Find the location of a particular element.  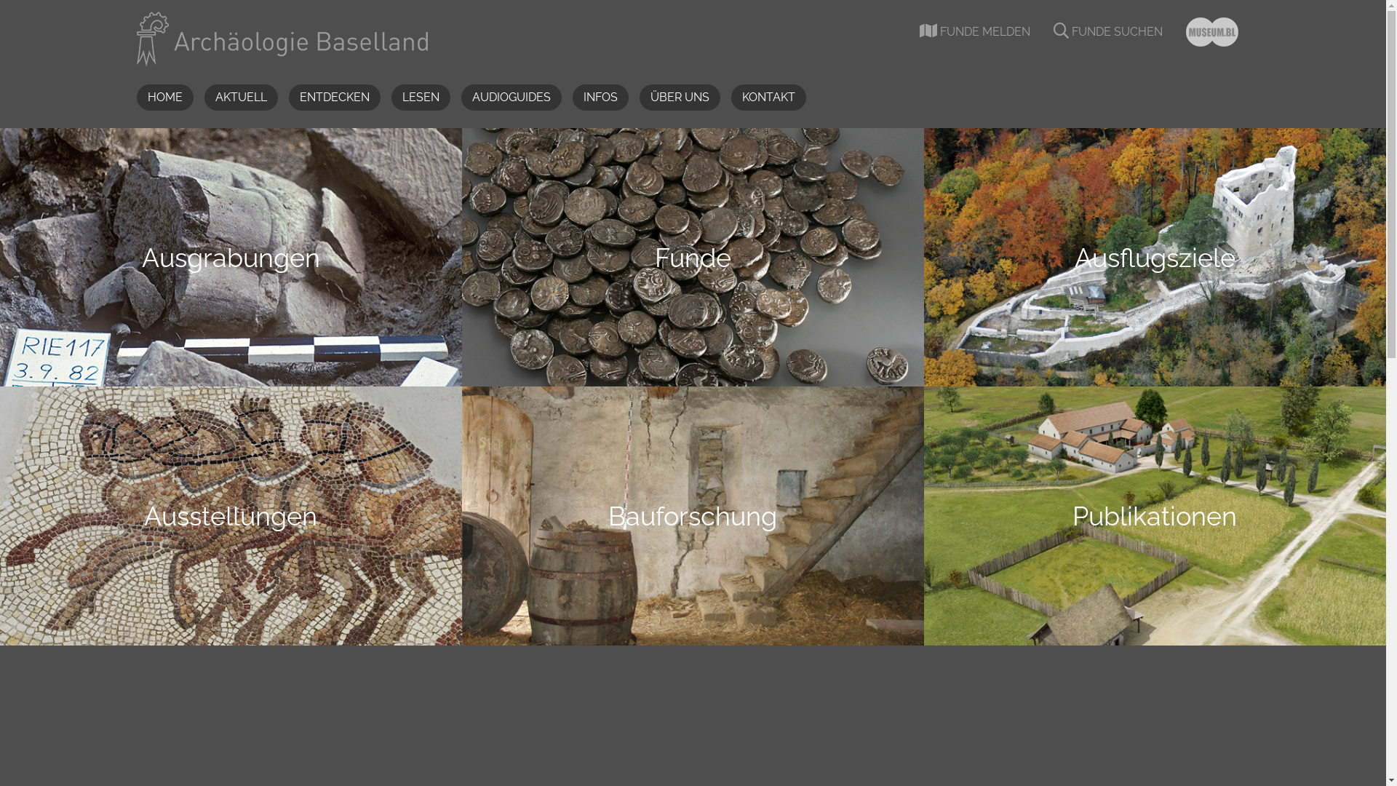

'Ausstellungen' is located at coordinates (230, 515).